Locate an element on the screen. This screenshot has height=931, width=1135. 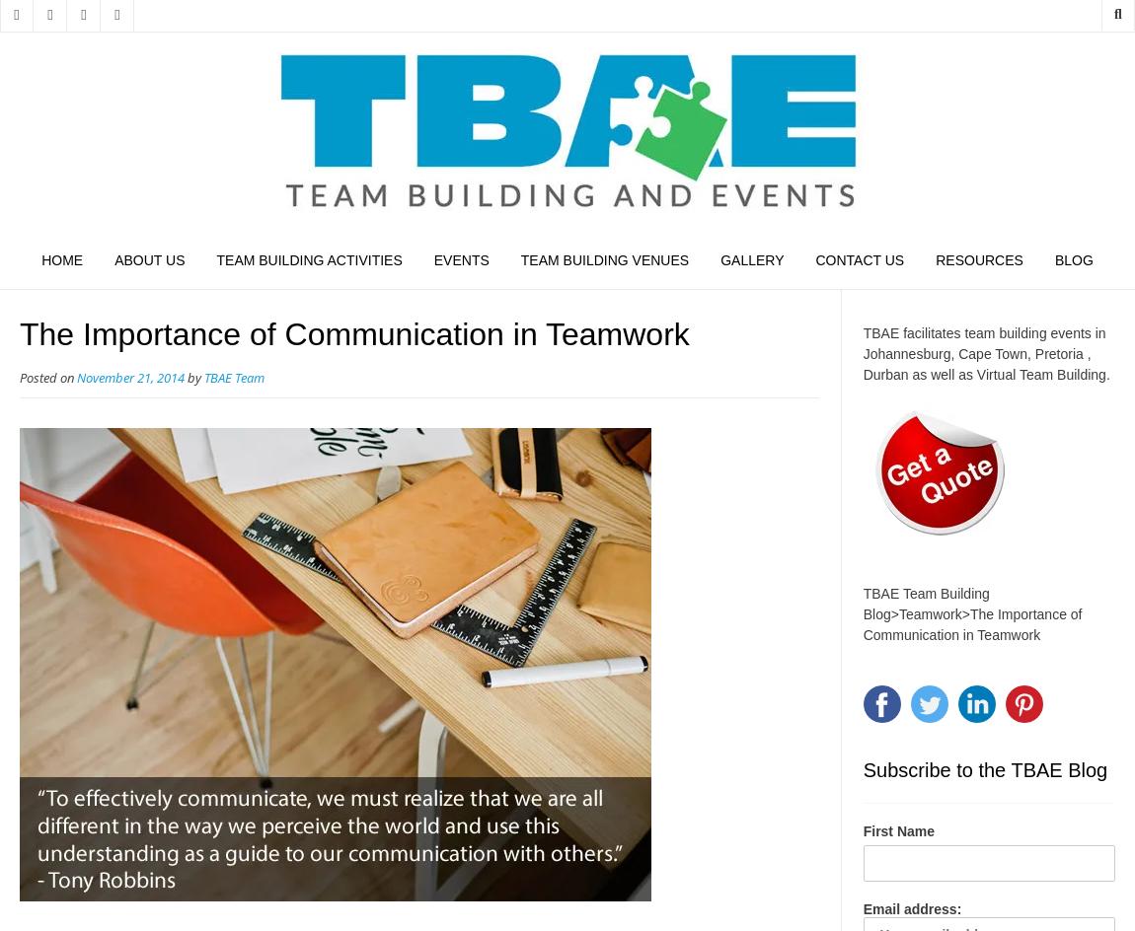
'Johannesburg' is located at coordinates (863, 352).